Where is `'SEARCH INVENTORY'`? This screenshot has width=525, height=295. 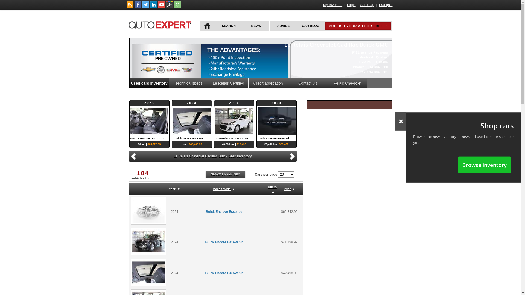 'SEARCH INVENTORY' is located at coordinates (226, 174).